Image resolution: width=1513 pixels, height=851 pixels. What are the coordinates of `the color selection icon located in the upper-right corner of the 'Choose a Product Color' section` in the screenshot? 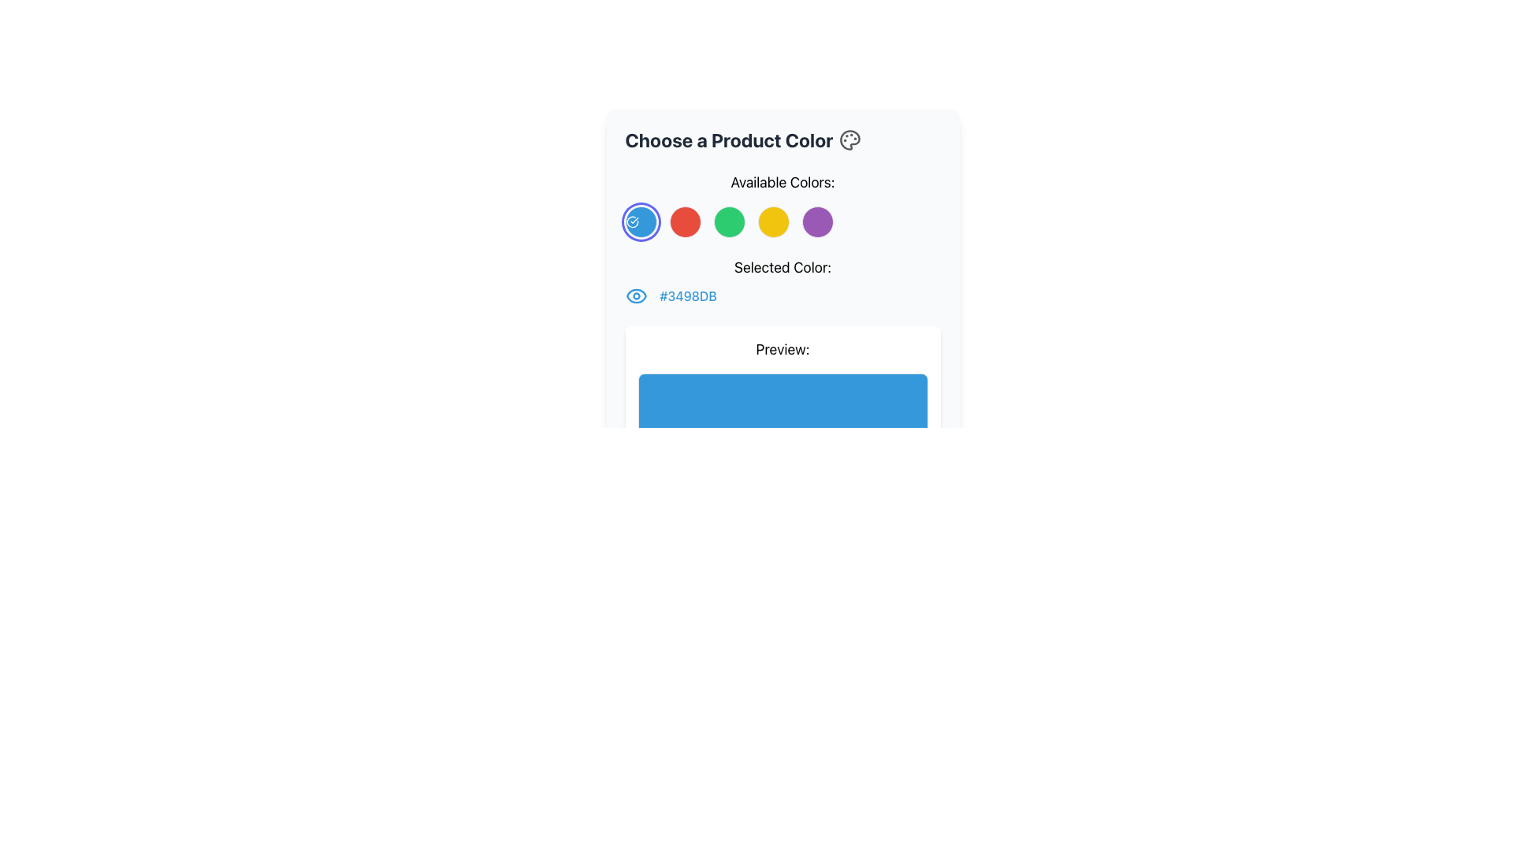 It's located at (849, 139).